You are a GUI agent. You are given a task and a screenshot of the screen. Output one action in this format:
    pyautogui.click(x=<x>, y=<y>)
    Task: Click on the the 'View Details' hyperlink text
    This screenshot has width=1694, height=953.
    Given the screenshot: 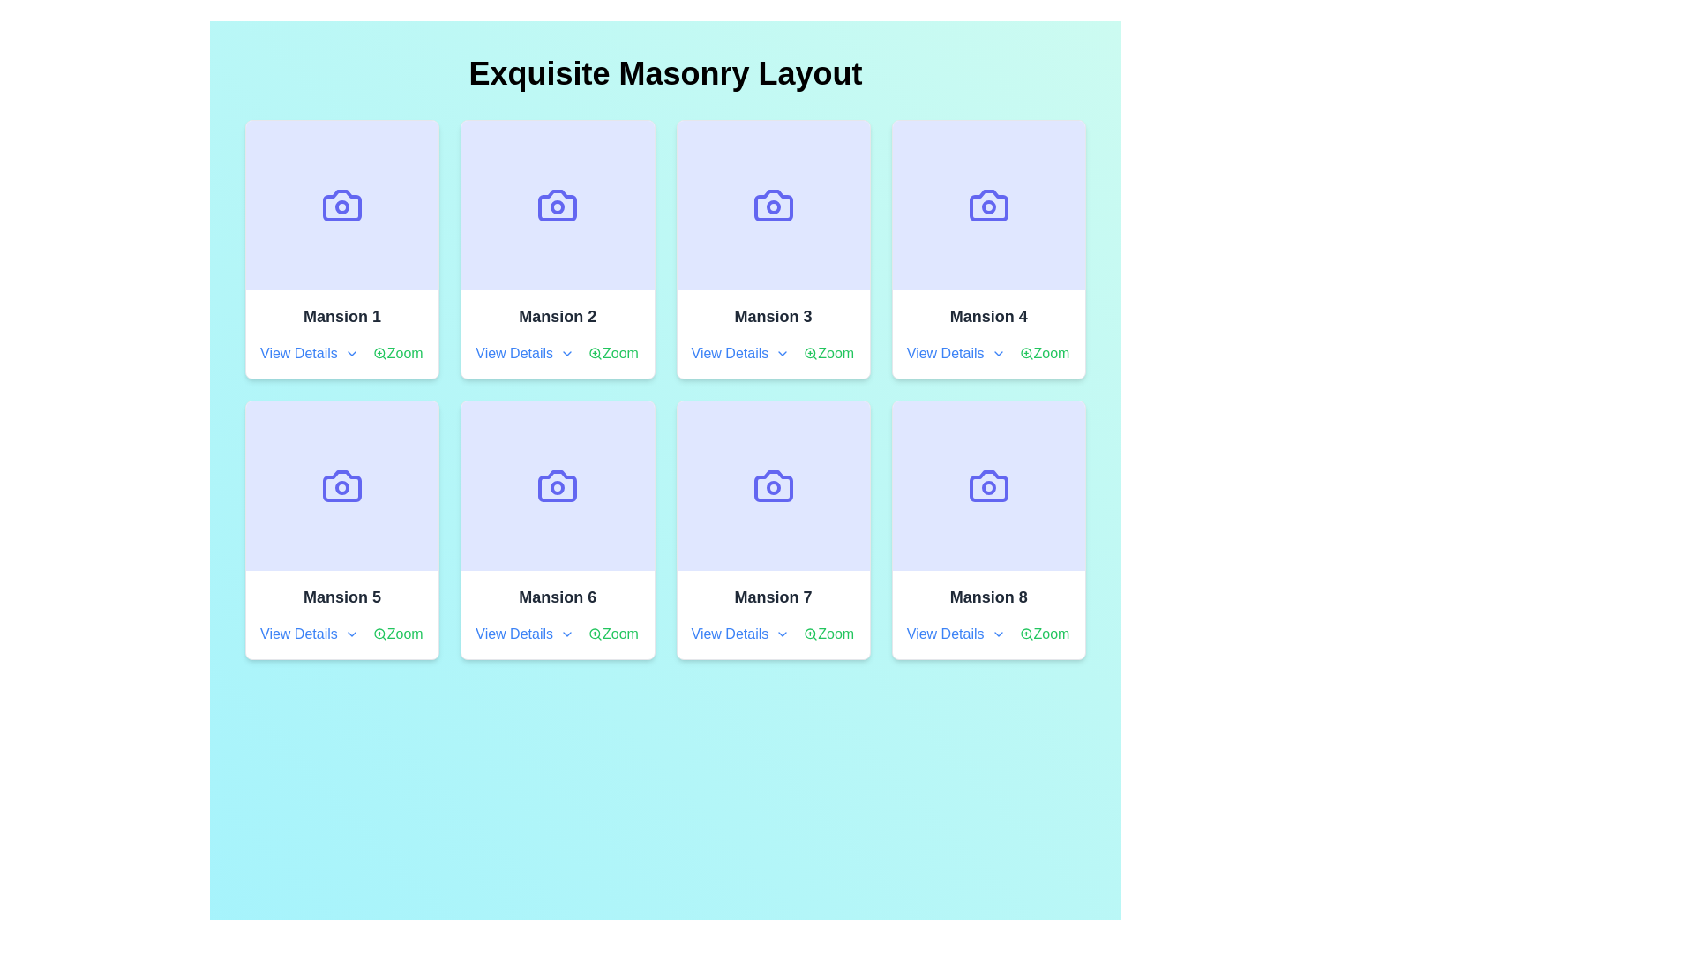 What is the action you would take?
    pyautogui.click(x=524, y=633)
    